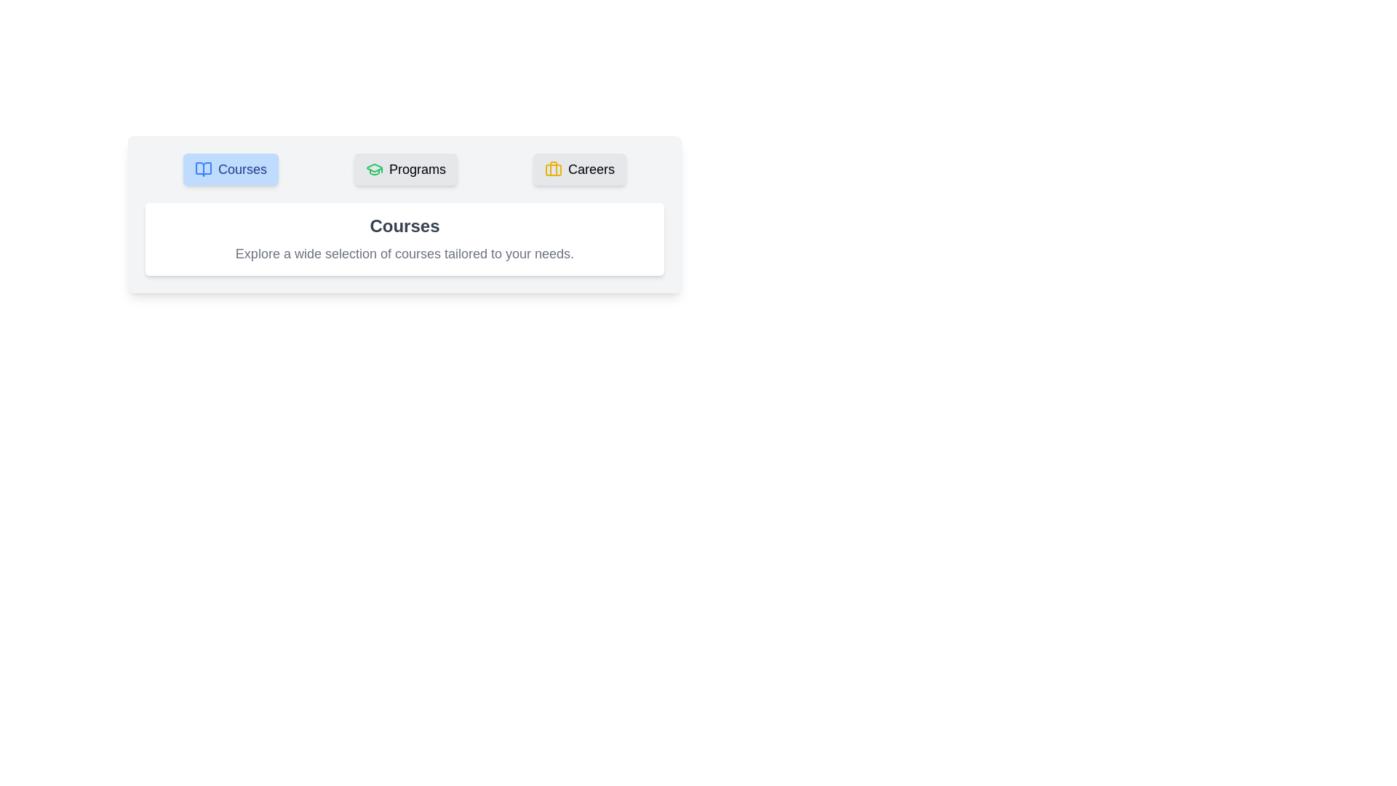 The width and height of the screenshot is (1397, 786). I want to click on the tab labeled Careers to observe its hover effect, so click(578, 168).